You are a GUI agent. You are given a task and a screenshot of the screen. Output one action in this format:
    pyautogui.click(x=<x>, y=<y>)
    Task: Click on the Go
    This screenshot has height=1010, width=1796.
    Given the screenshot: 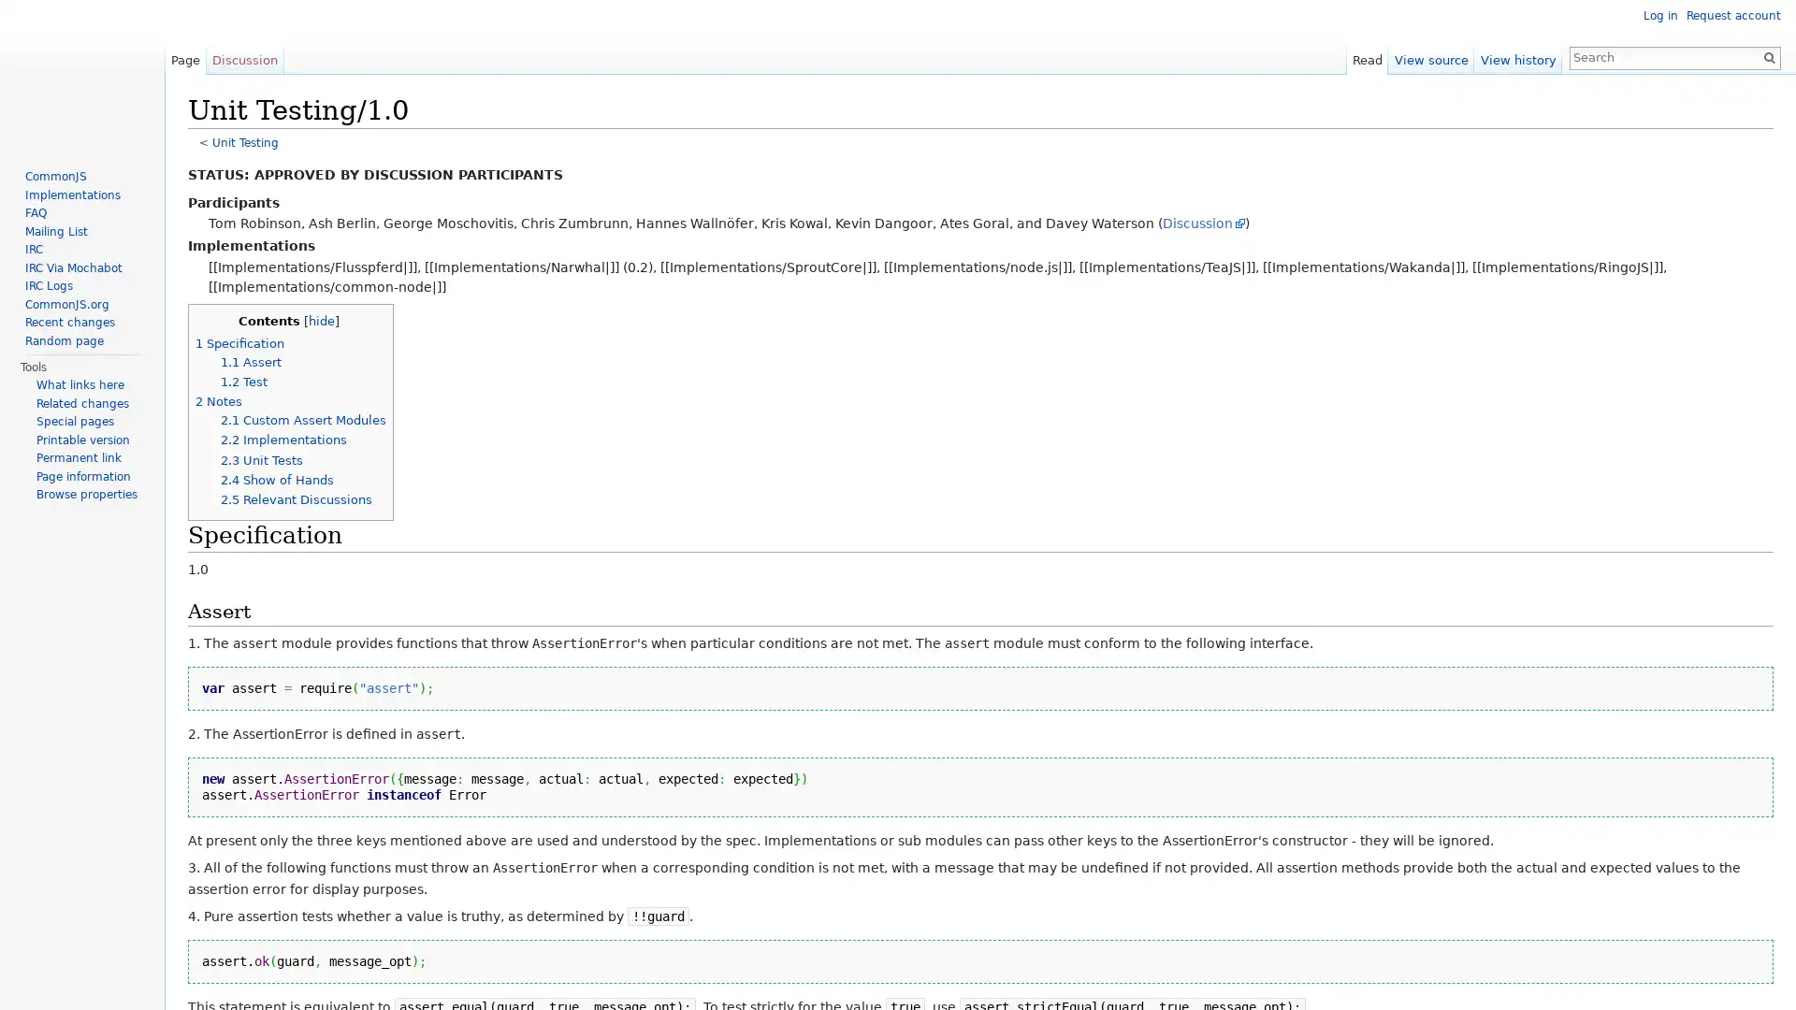 What is the action you would take?
    pyautogui.click(x=1768, y=56)
    